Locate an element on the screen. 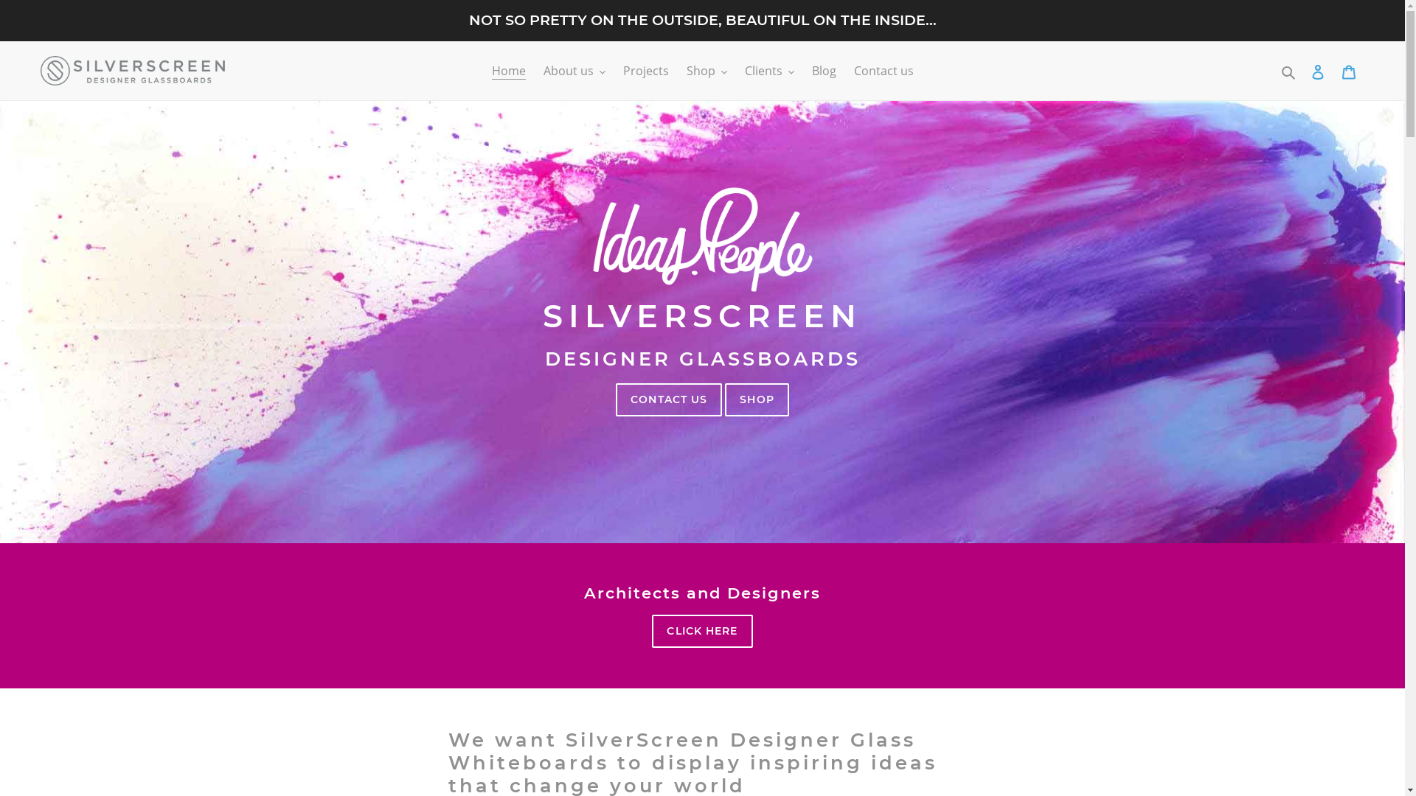 This screenshot has width=1416, height=796. 'Home' is located at coordinates (508, 71).